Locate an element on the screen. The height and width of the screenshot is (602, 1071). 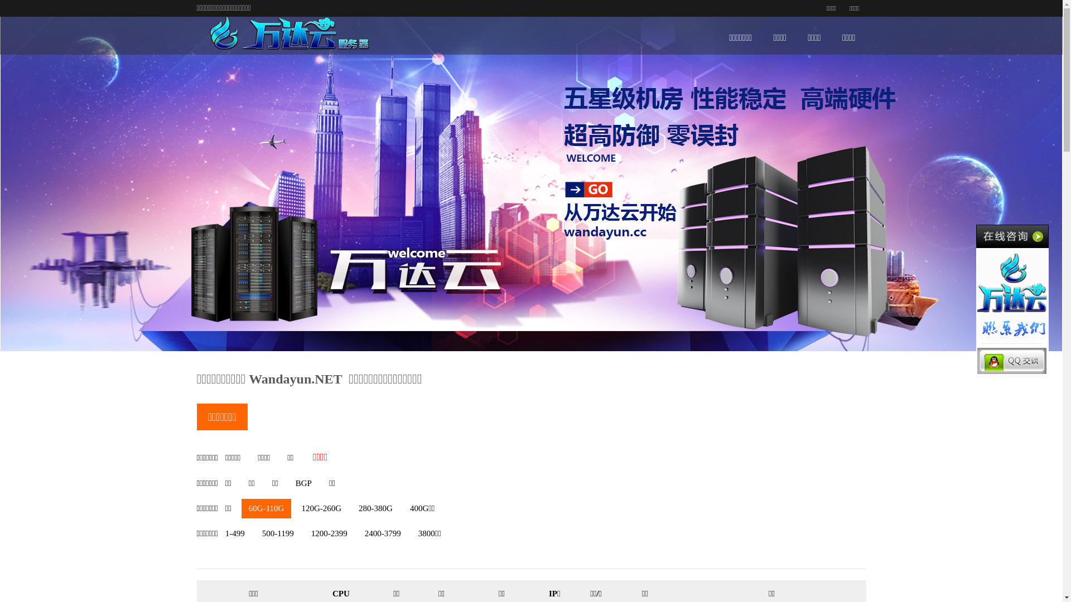
'500-1199' is located at coordinates (278, 533).